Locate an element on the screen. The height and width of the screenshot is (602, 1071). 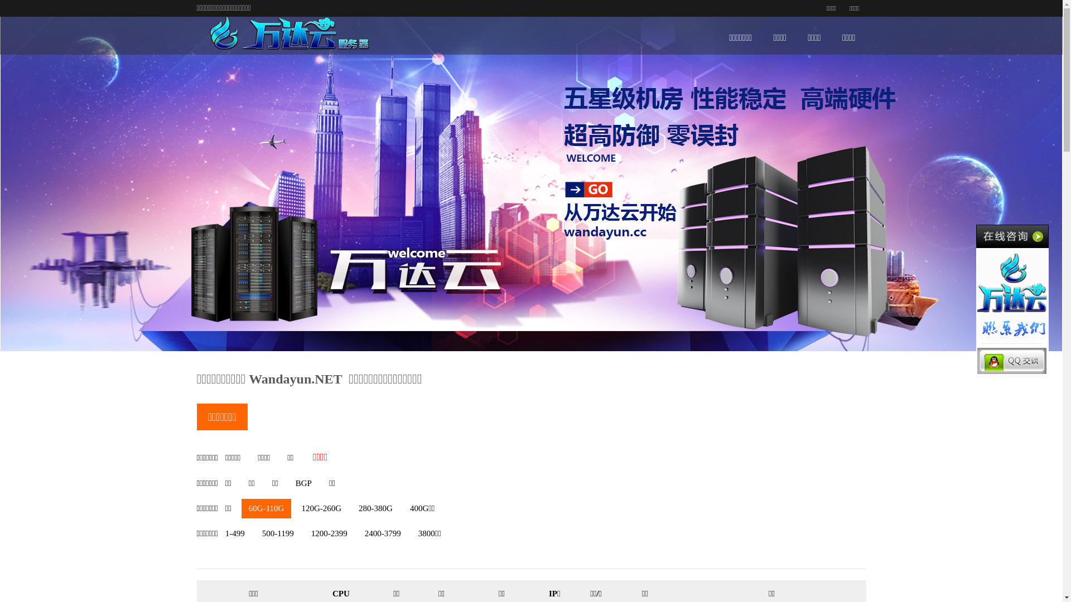
'500-1199' is located at coordinates (278, 533).